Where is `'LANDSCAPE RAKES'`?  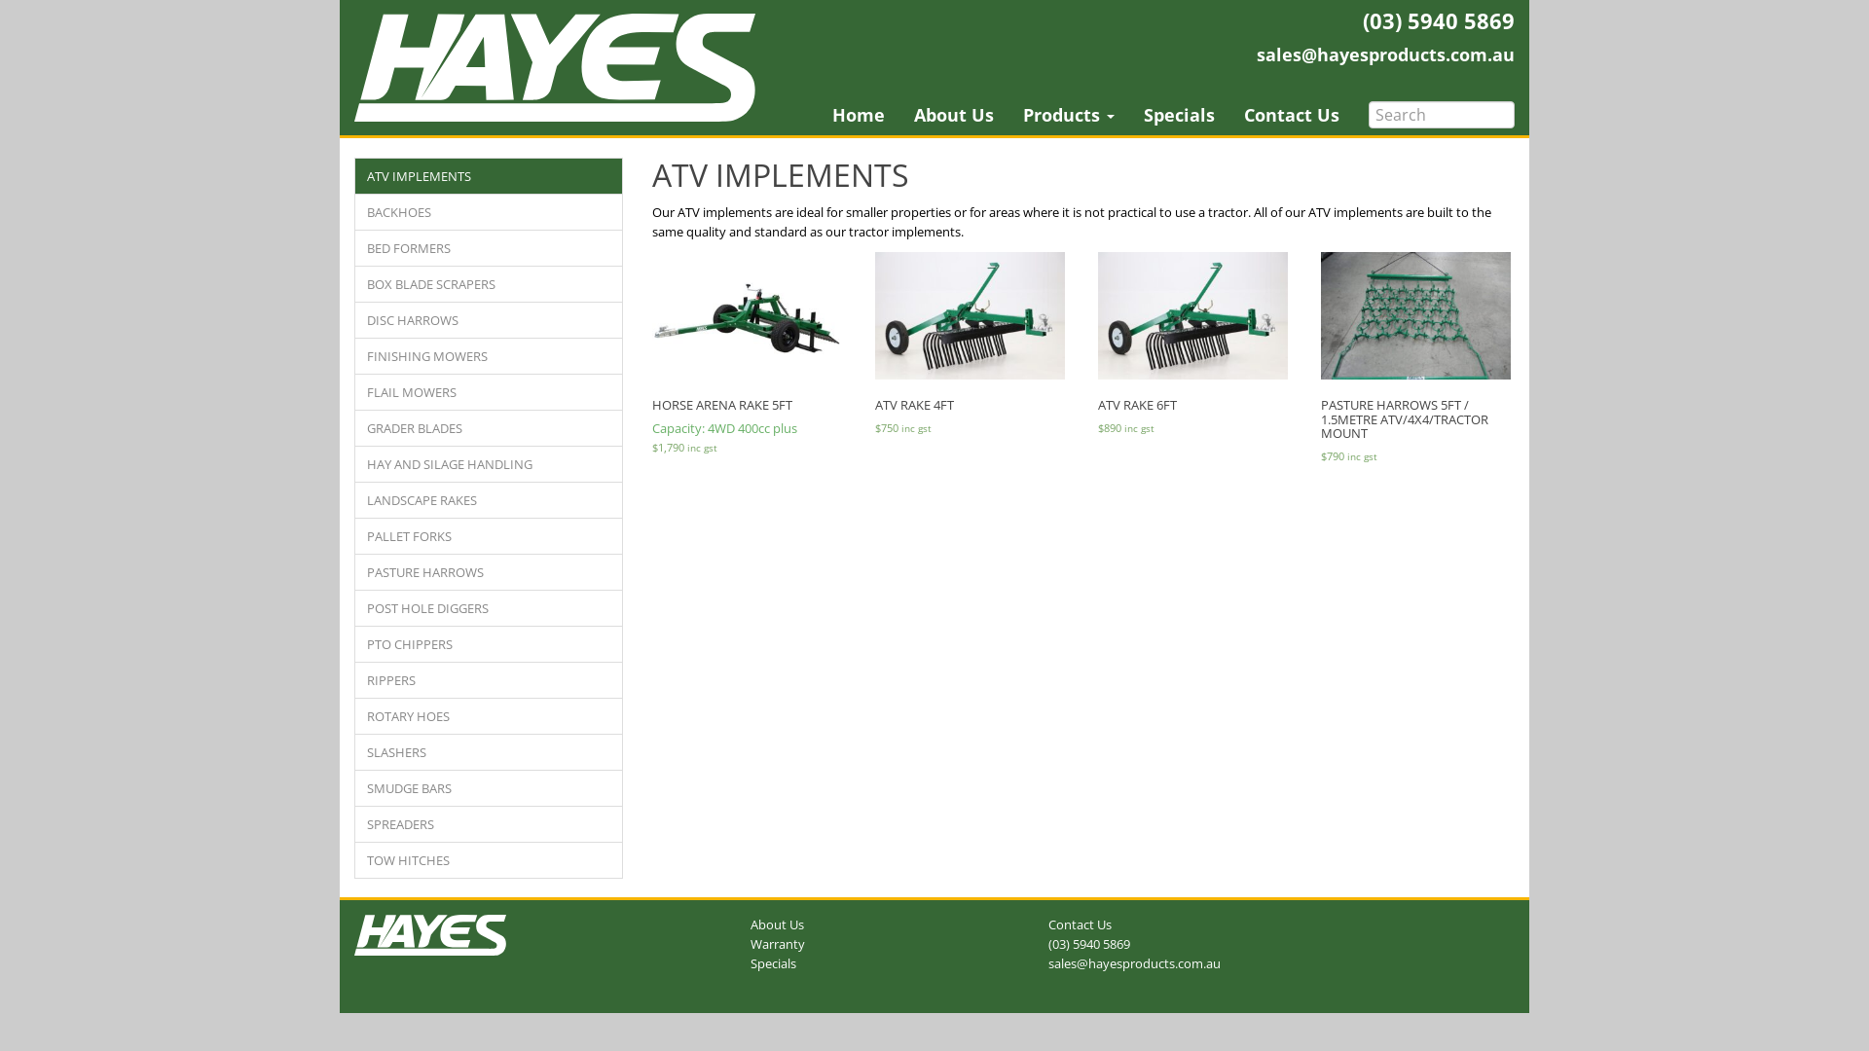
'LANDSCAPE RAKES' is located at coordinates (489, 498).